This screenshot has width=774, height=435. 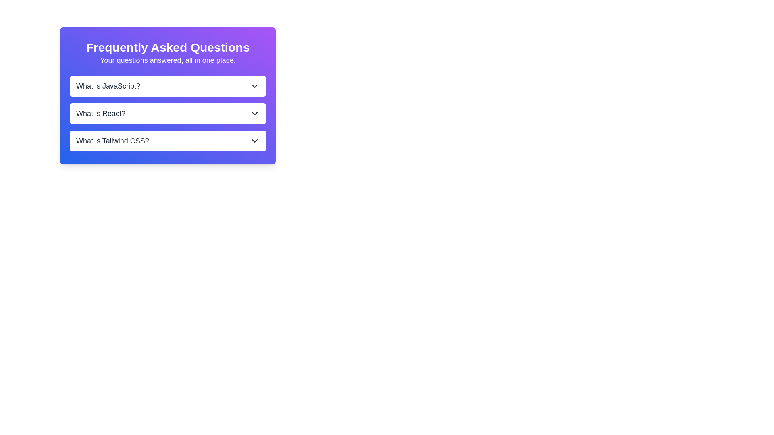 What do you see at coordinates (254, 141) in the screenshot?
I see `the small downward-pointing chevron icon next to the text 'What is Tailwind CSS?'` at bounding box center [254, 141].